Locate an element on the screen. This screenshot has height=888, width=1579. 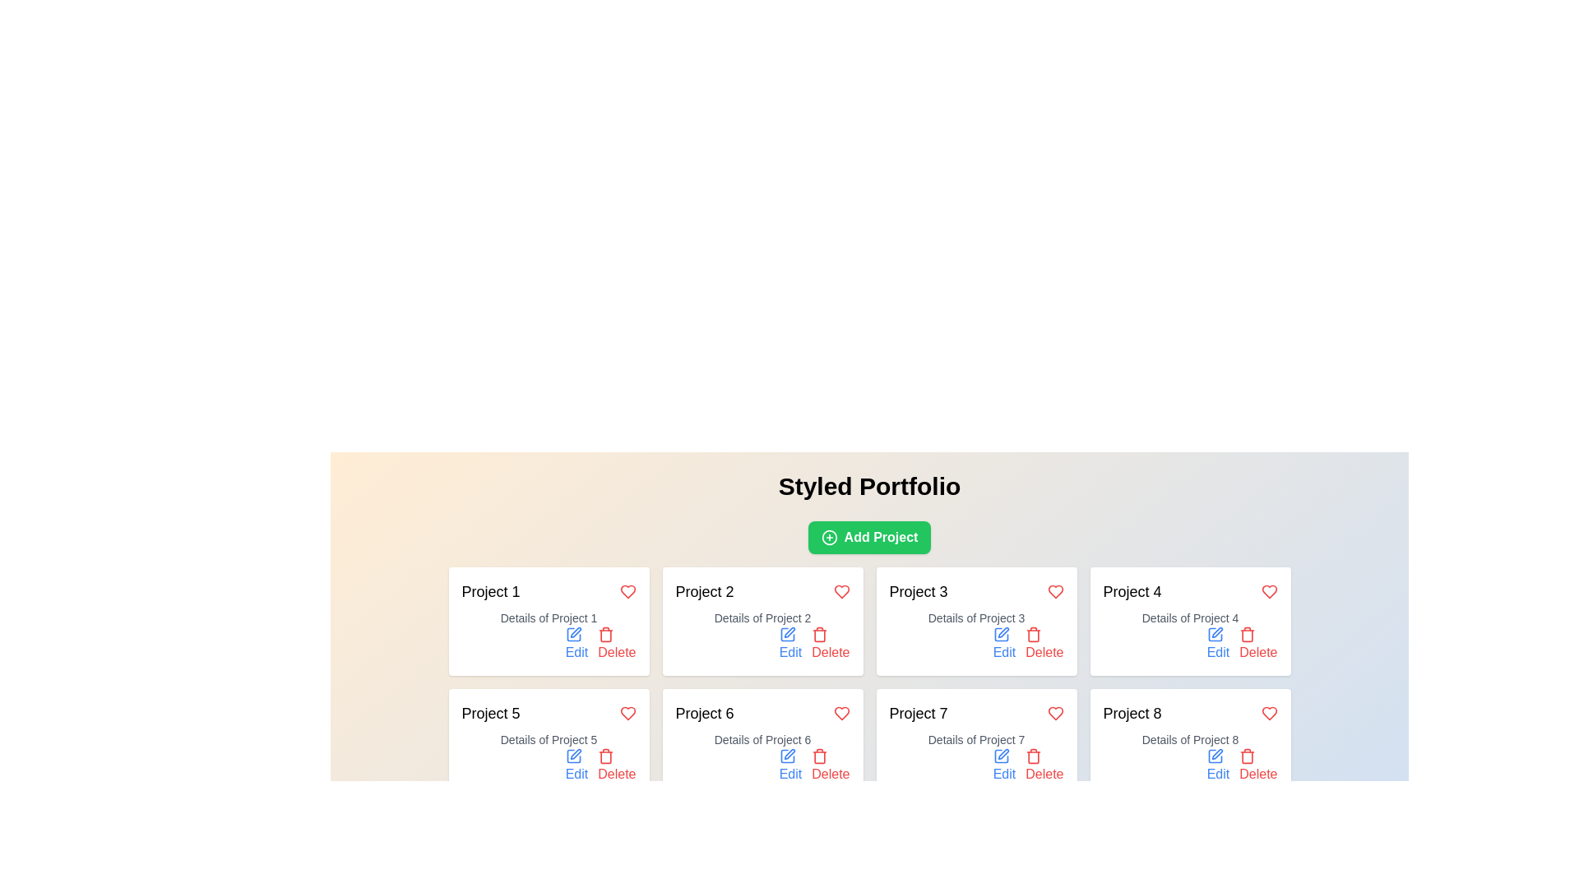
the edit icon (SVG graphic component) located within the 'Edit' button of the third project card in the second row of the card grid under the 'Styled Portfolio' heading to modify the associated project is located at coordinates (1000, 633).